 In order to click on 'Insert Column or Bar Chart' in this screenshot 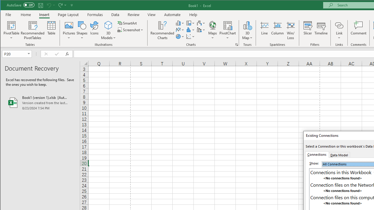, I will do `click(180, 23)`.